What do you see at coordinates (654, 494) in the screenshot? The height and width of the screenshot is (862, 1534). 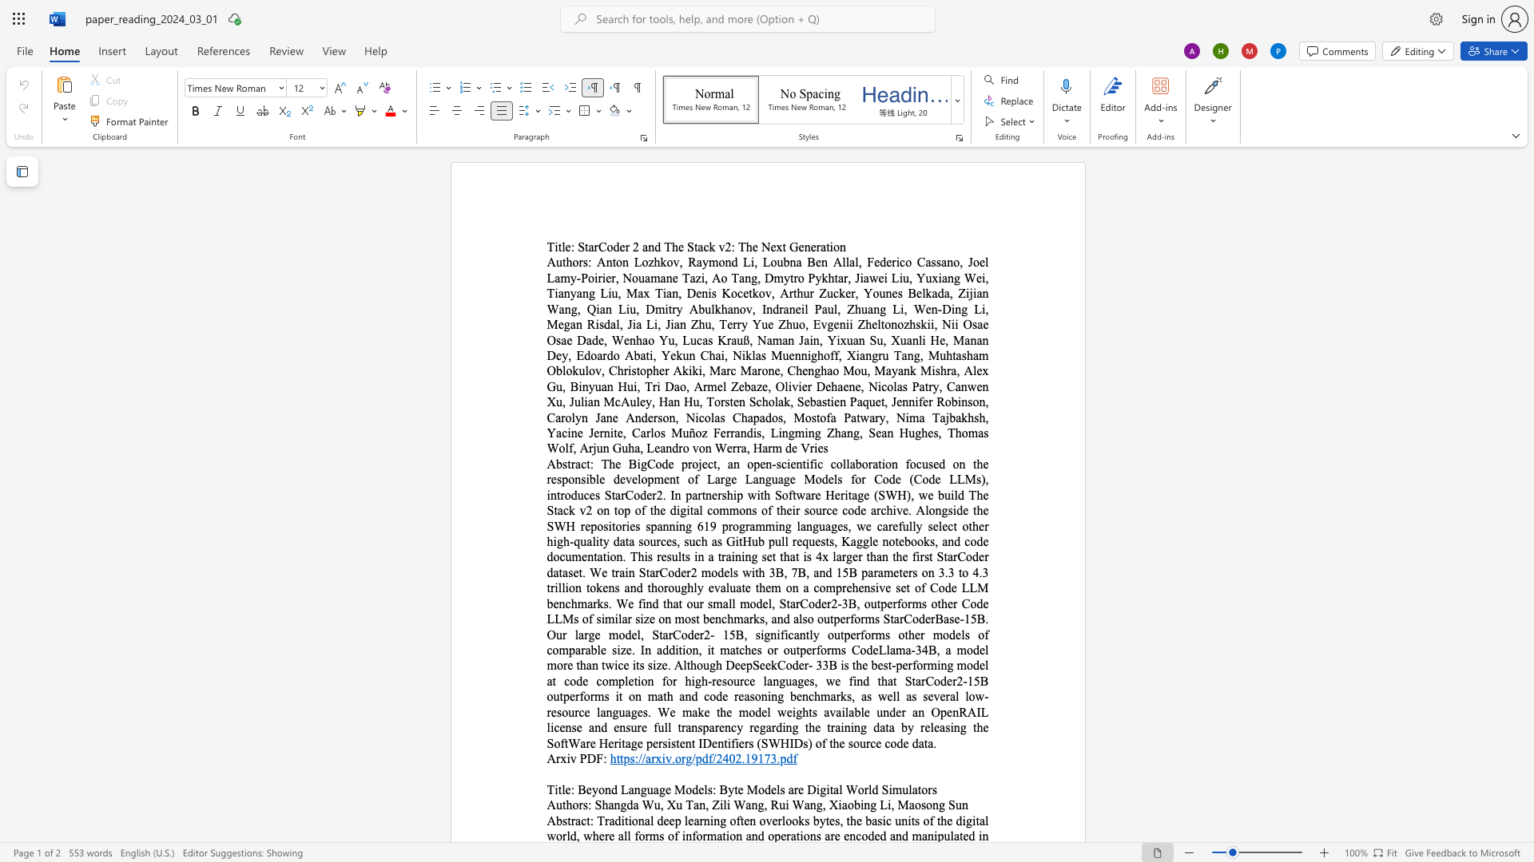 I see `the 8th character "r" in the text` at bounding box center [654, 494].